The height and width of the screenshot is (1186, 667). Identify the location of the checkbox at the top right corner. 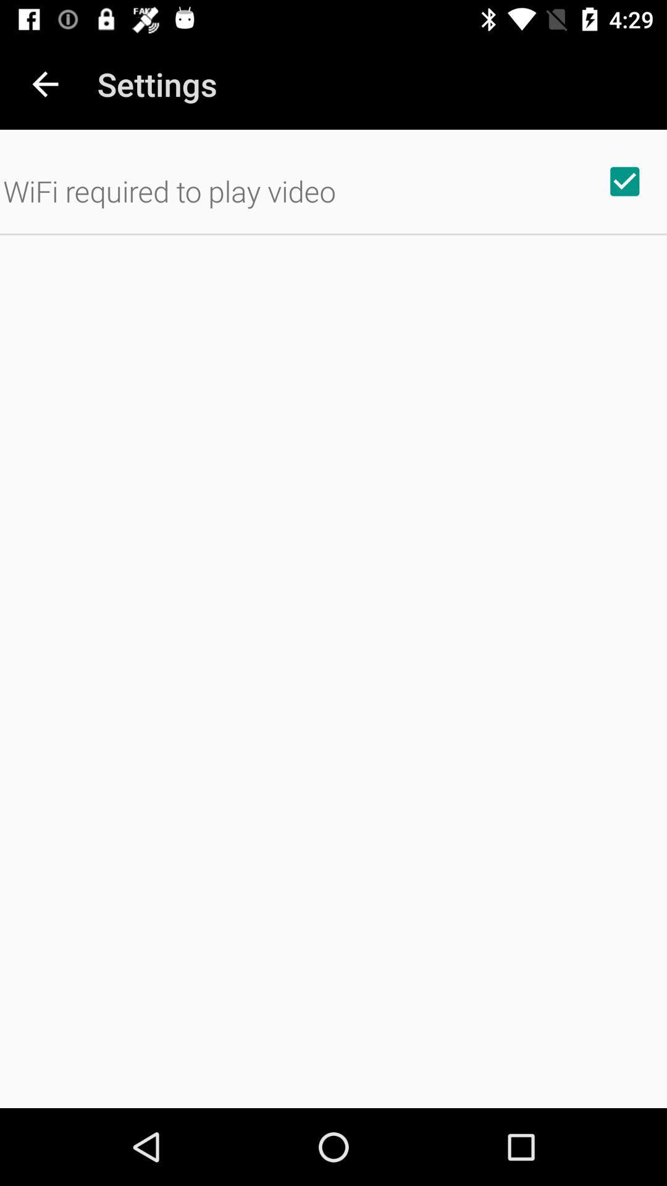
(624, 180).